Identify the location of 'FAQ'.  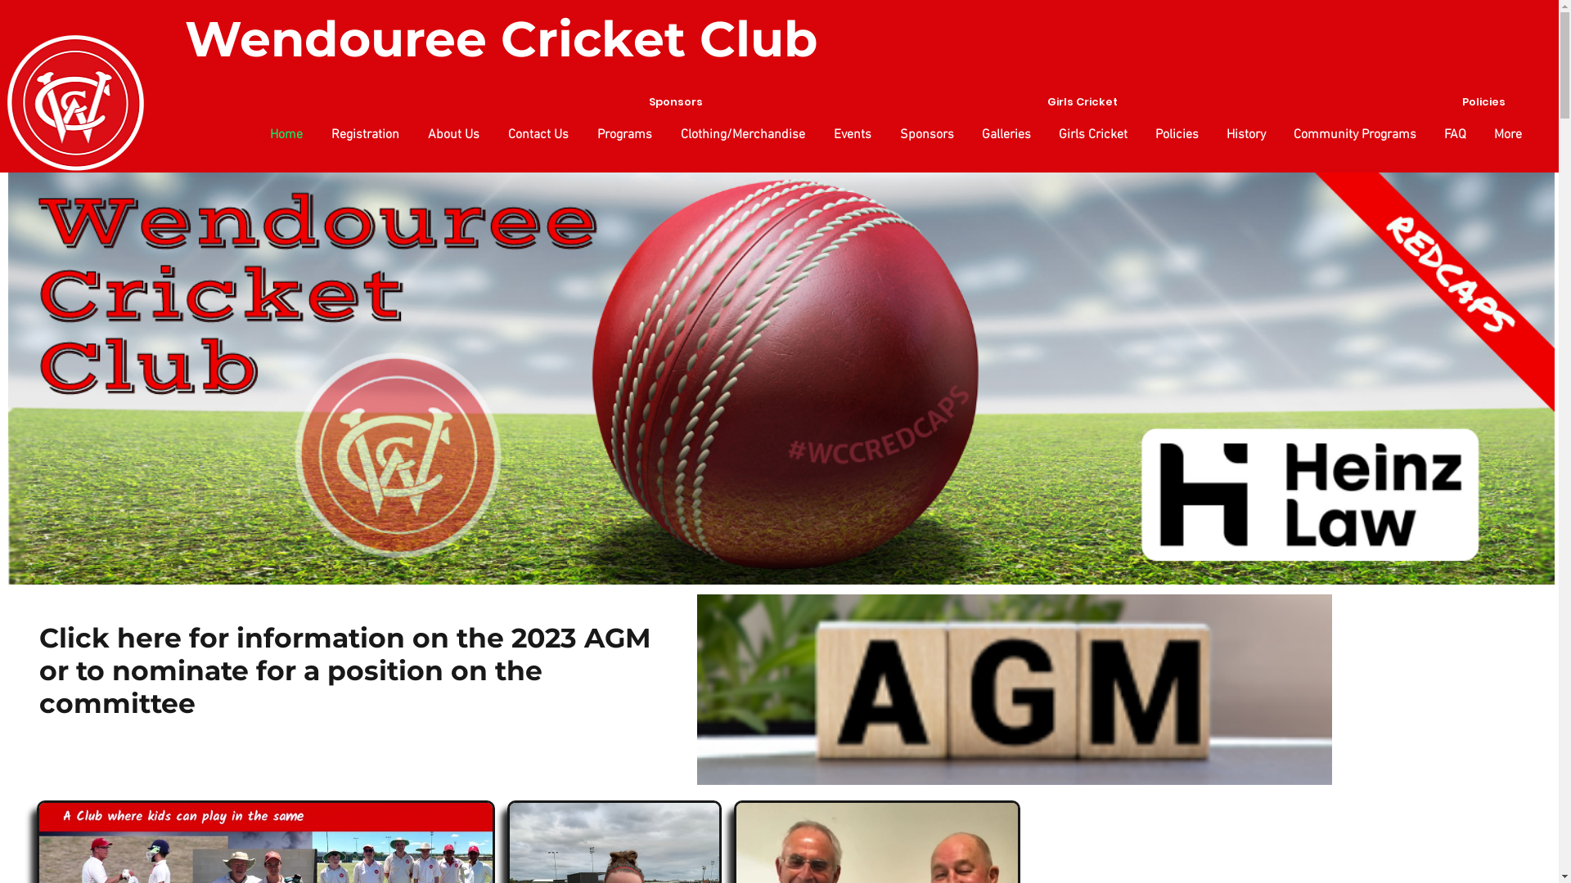
(1453, 134).